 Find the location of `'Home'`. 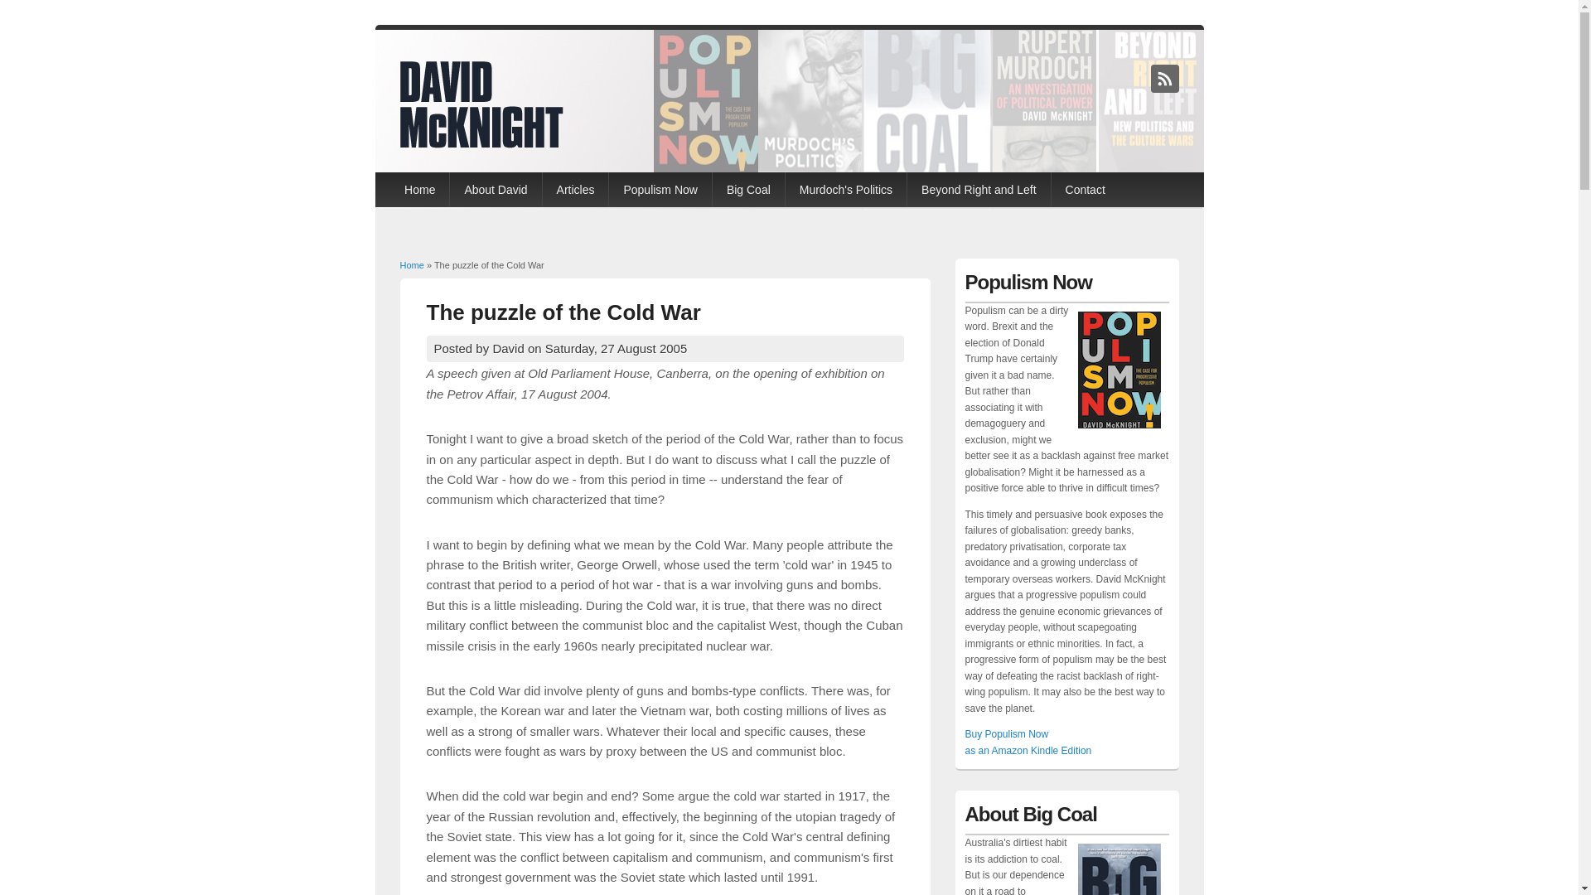

'Home' is located at coordinates (480, 142).